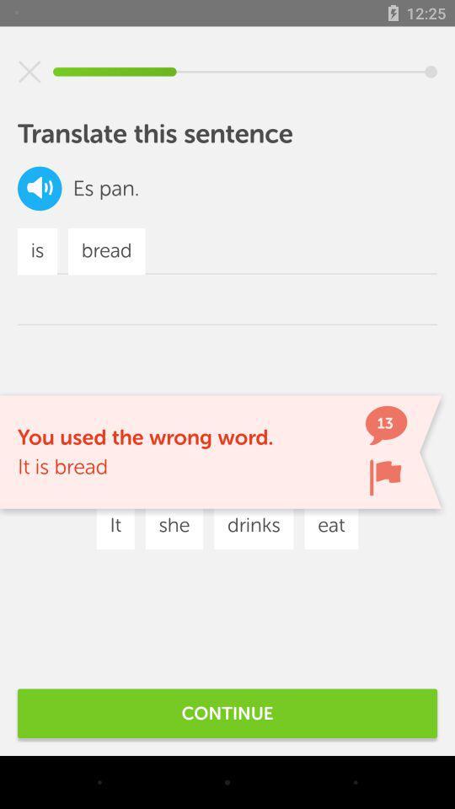 Image resolution: width=455 pixels, height=809 pixels. Describe the element at coordinates (29, 72) in the screenshot. I see `out` at that location.